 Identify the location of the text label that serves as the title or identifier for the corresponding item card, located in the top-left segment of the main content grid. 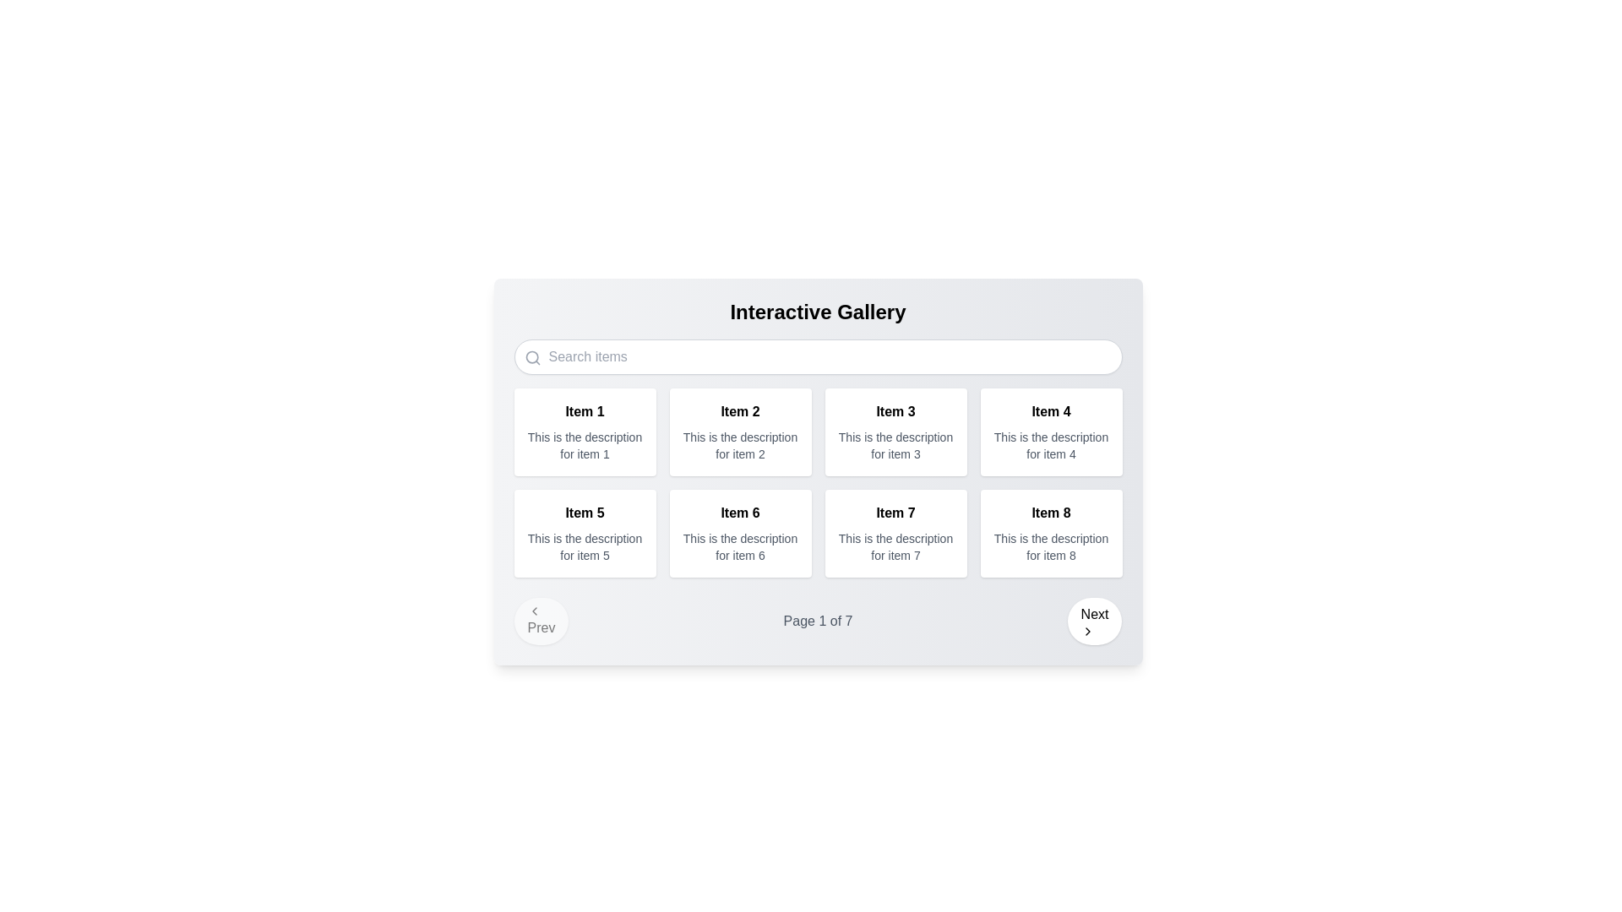
(585, 412).